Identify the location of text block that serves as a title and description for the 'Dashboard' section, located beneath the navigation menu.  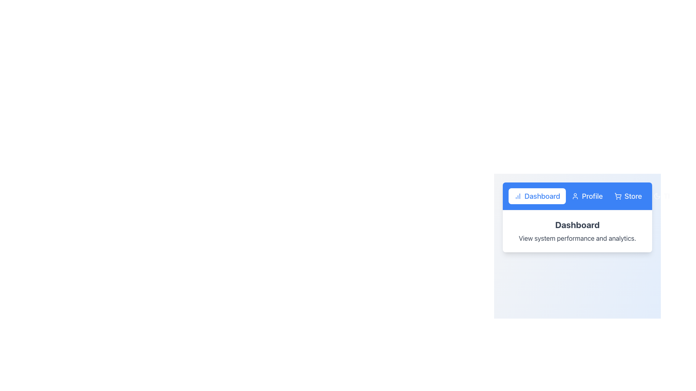
(577, 231).